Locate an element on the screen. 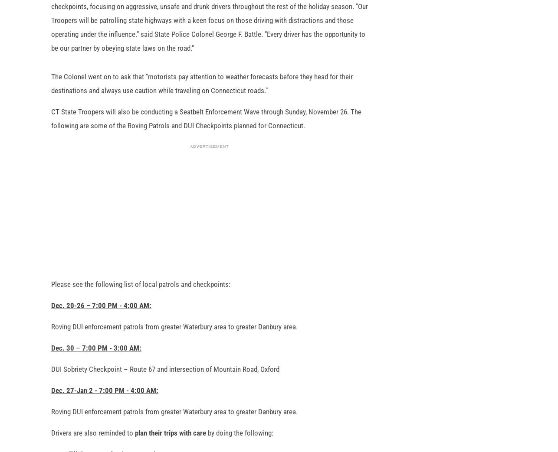  'CT State Troopers will also be conducting a Seatbelt Enforcement Wave through Sunday, November 26. The following are some of the Roving Patrols and DUI Checkpoints planned for Connecticut.' is located at coordinates (206, 124).